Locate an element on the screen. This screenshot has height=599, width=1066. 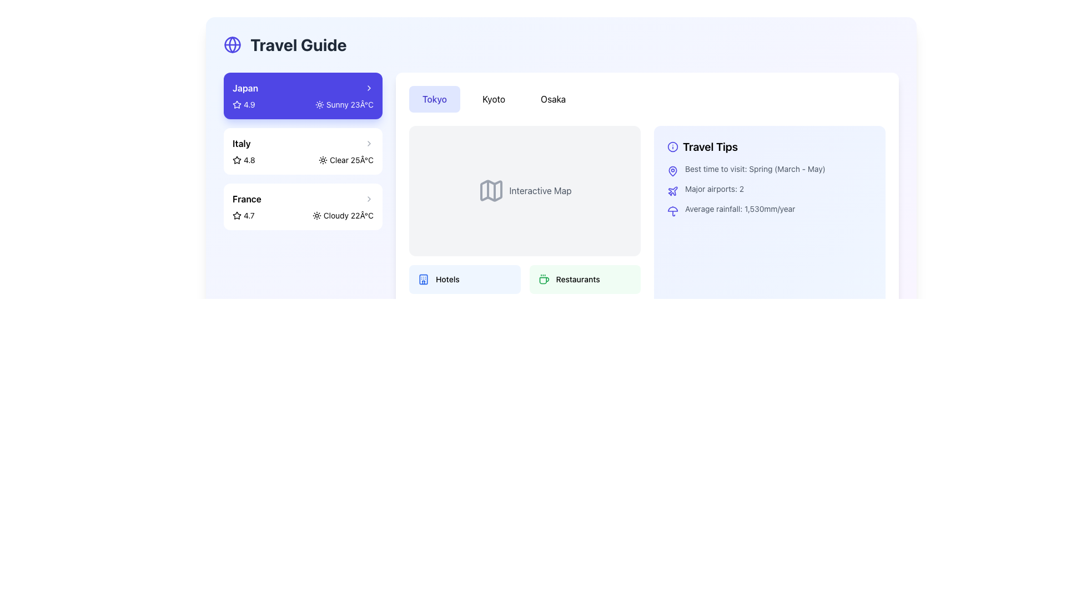
the weather indicator element displaying 'Cloudy 22°C' with a sun icon, located on the third row under the 'France' section is located at coordinates (342, 216).